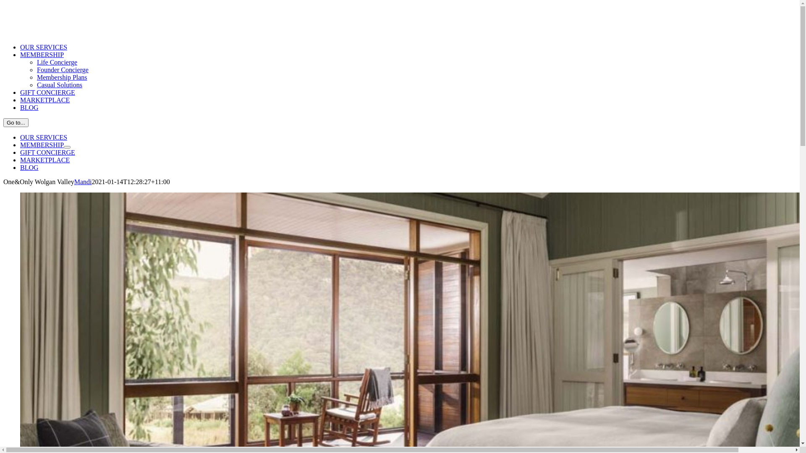 The height and width of the screenshot is (453, 806). Describe the element at coordinates (44, 99) in the screenshot. I see `'MARKETPLACE'` at that location.